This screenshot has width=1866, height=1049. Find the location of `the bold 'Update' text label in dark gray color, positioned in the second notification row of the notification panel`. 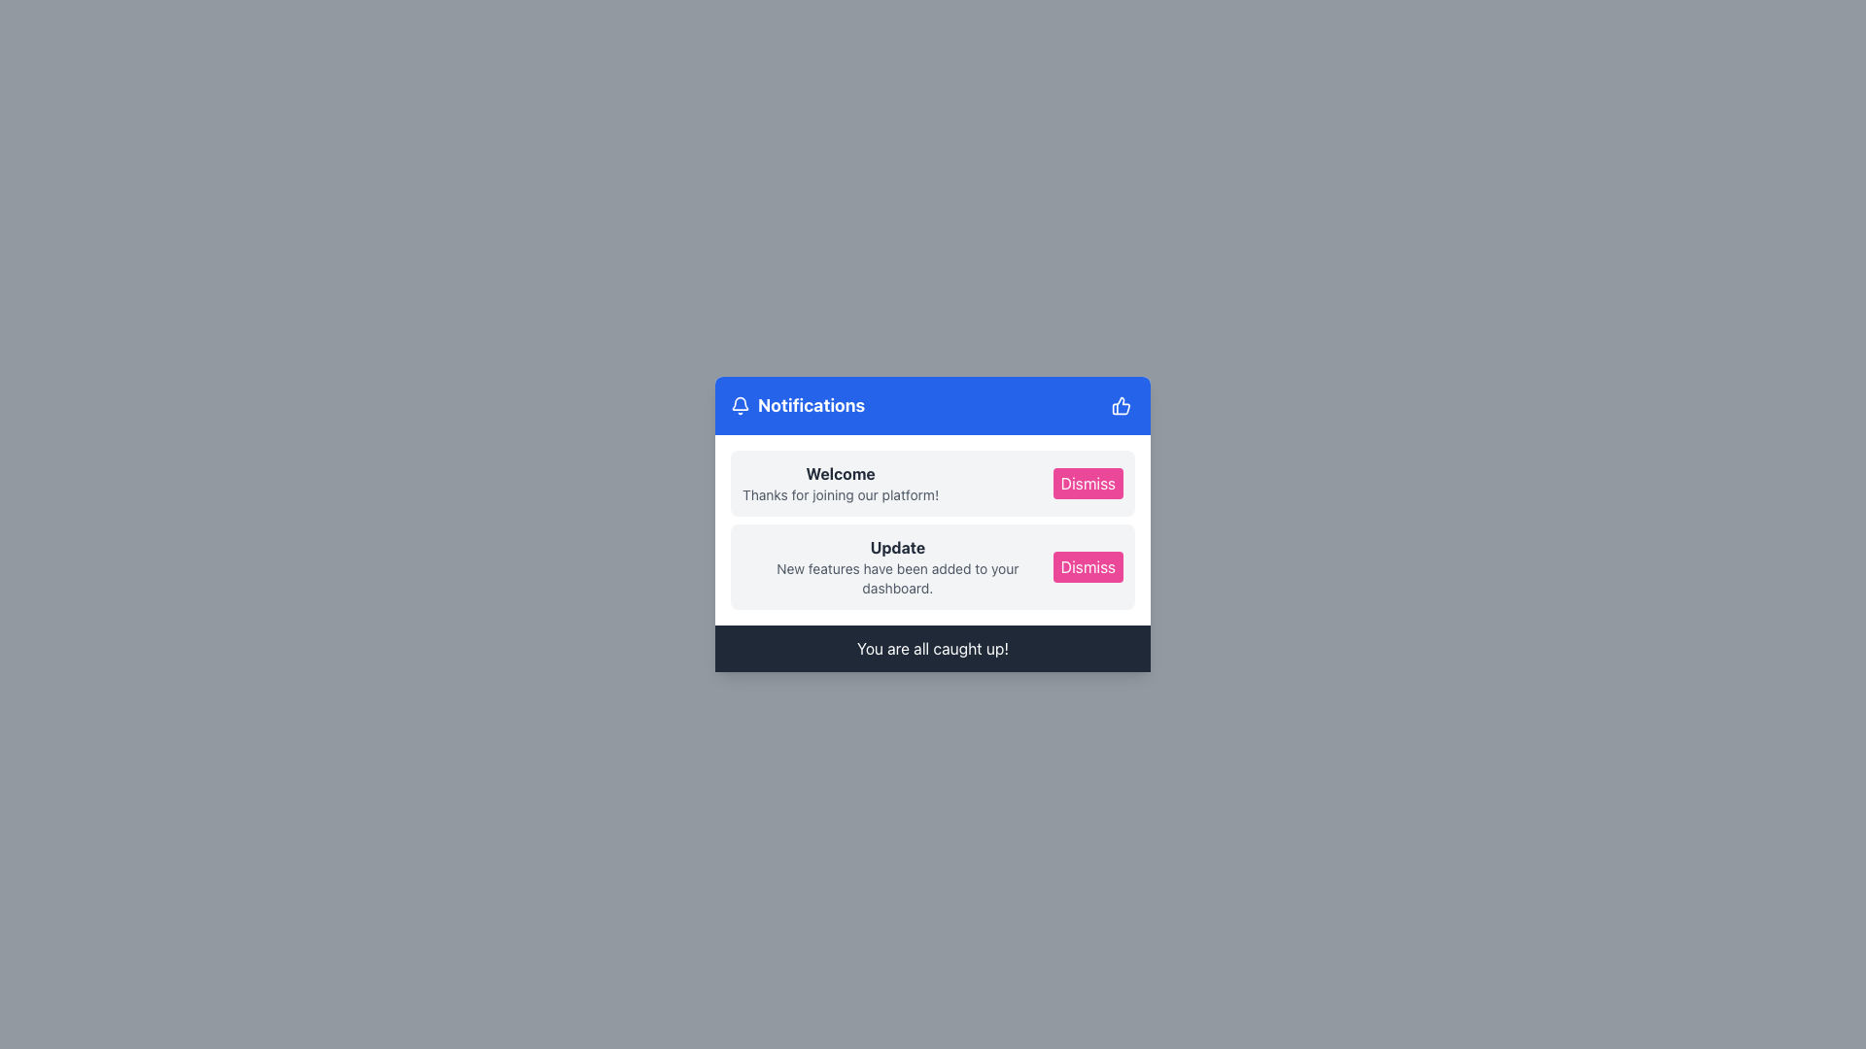

the bold 'Update' text label in dark gray color, positioned in the second notification row of the notification panel is located at coordinates (896, 547).